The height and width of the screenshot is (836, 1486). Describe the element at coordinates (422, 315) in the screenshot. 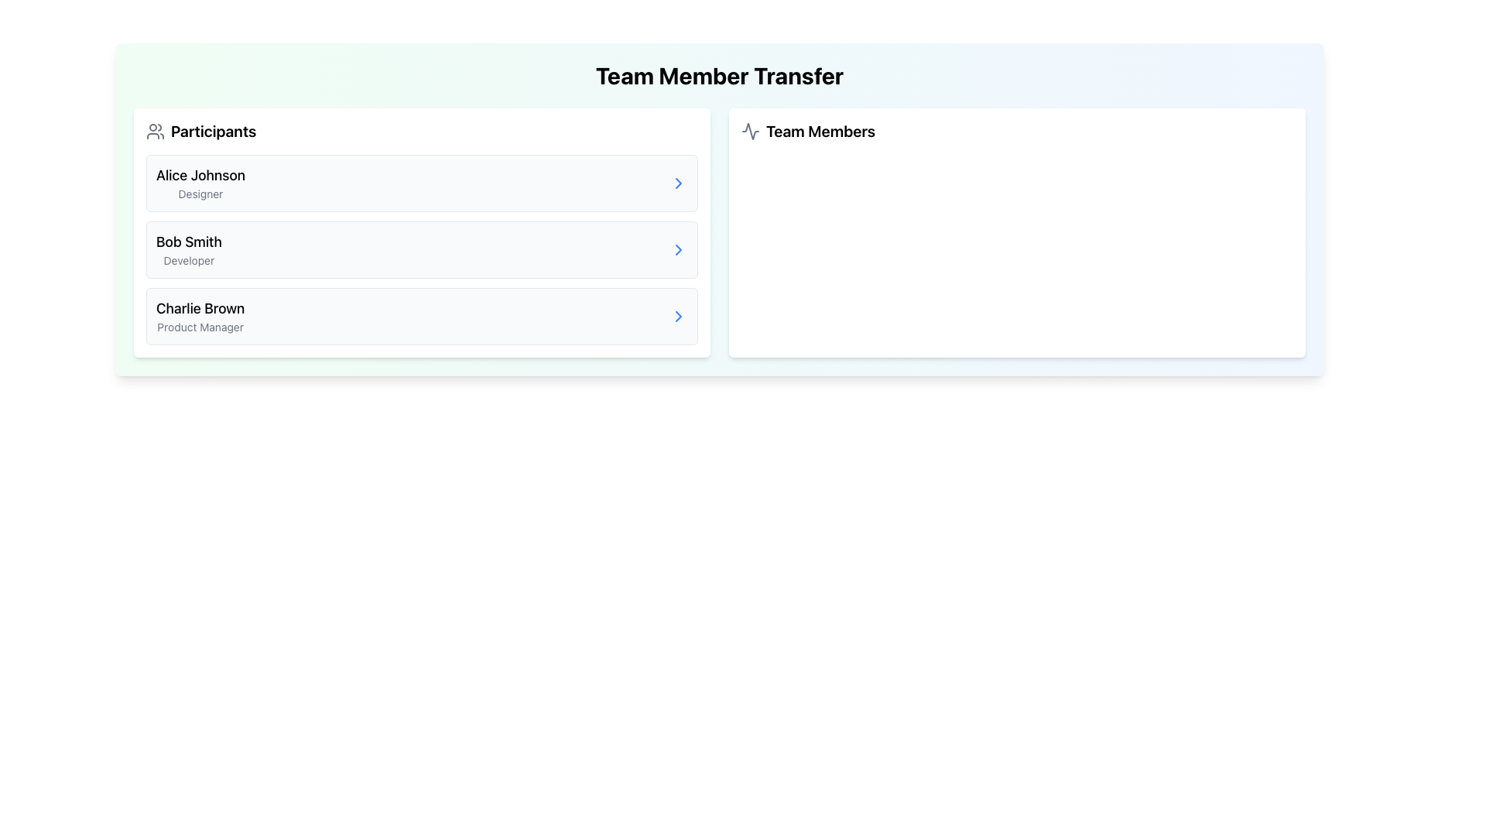

I see `the clickable list item representing the participant 'Charlie Brown', who is the 'Product Manager', located as the third item in the 'Participants' section` at that location.